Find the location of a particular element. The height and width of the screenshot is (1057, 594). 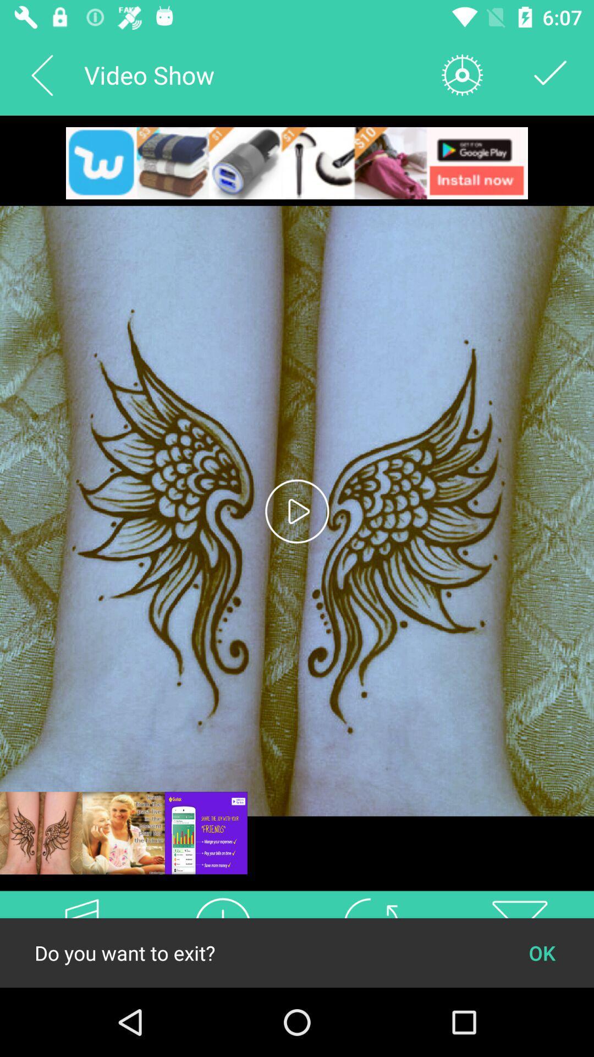

the settings icon is located at coordinates (462, 74).